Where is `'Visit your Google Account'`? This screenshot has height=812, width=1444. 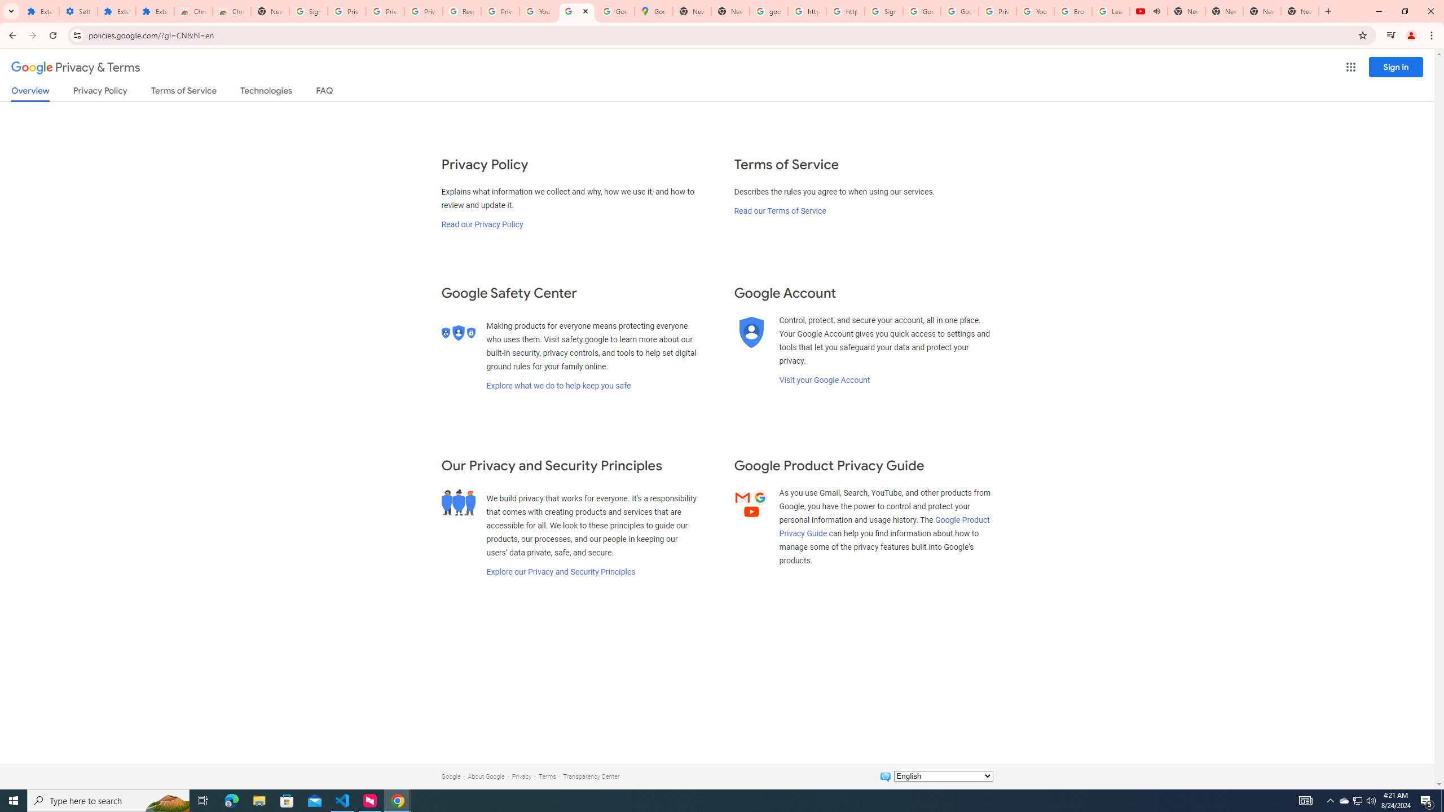 'Visit your Google Account' is located at coordinates (824, 379).